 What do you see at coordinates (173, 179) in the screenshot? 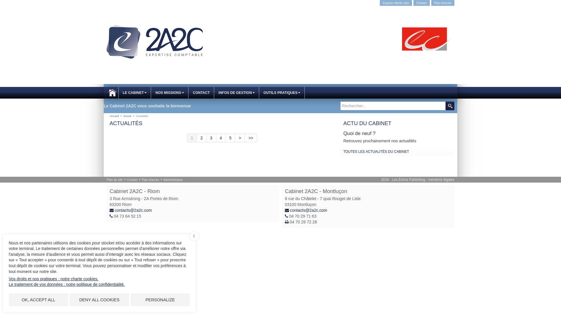
I see `'Administration'` at bounding box center [173, 179].